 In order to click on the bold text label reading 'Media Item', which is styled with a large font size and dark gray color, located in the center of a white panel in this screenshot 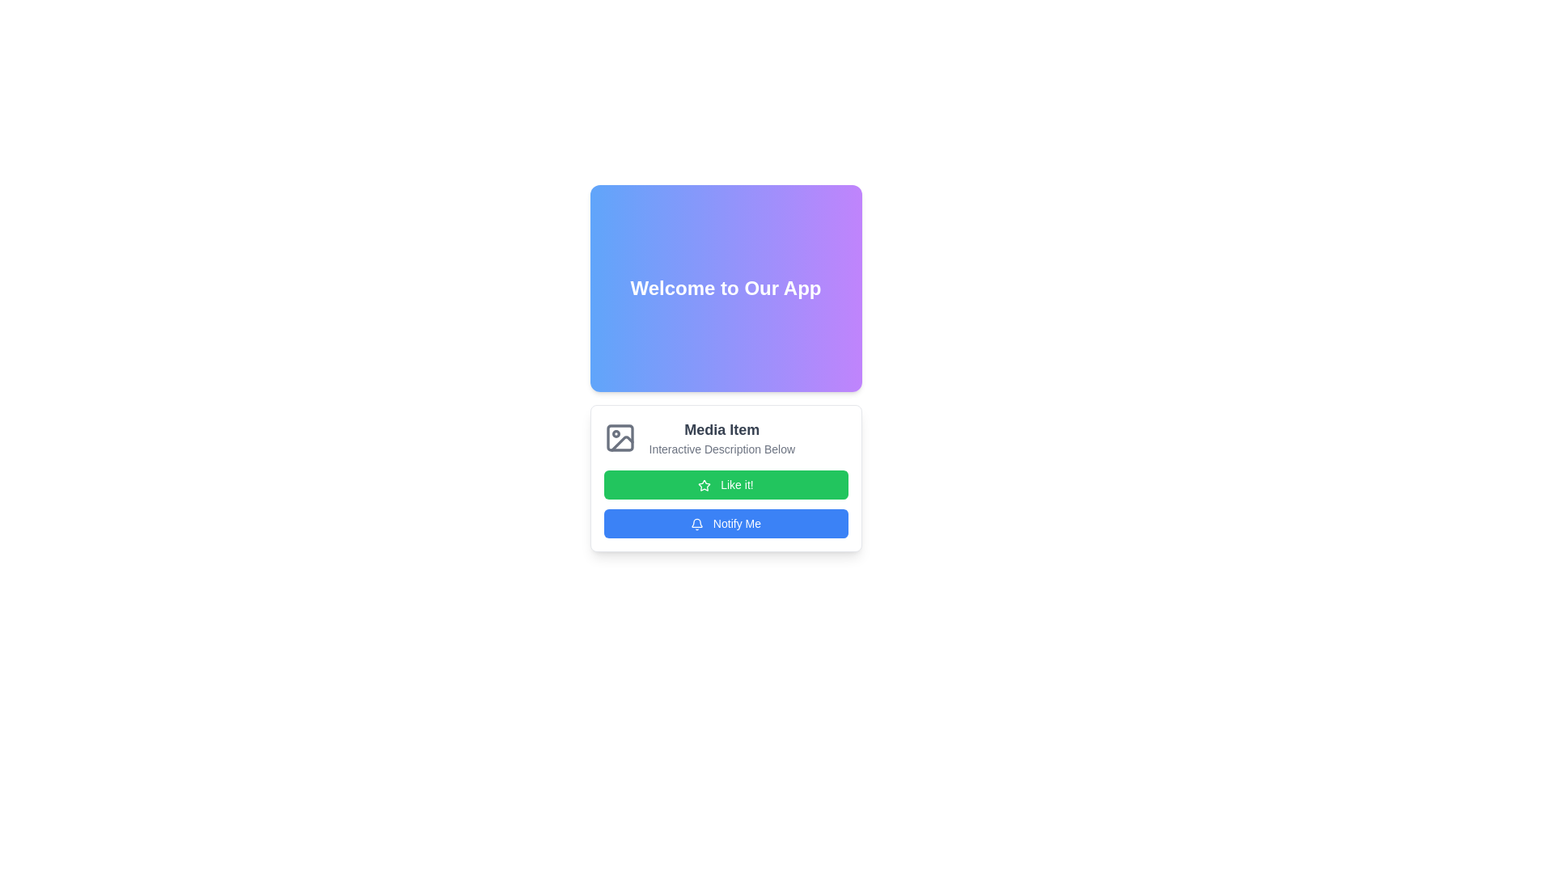, I will do `click(721, 429)`.